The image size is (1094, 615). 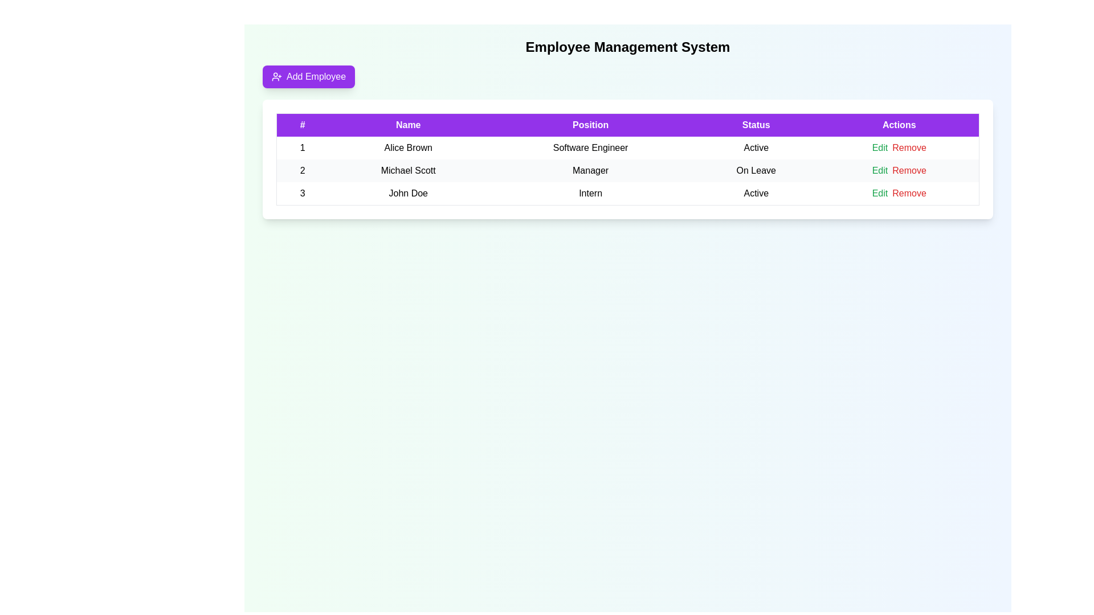 What do you see at coordinates (899, 192) in the screenshot?
I see `the 'Remove' link in the Group of buttons with individual clickable links located in the 'Actions' column of the third row of the table` at bounding box center [899, 192].